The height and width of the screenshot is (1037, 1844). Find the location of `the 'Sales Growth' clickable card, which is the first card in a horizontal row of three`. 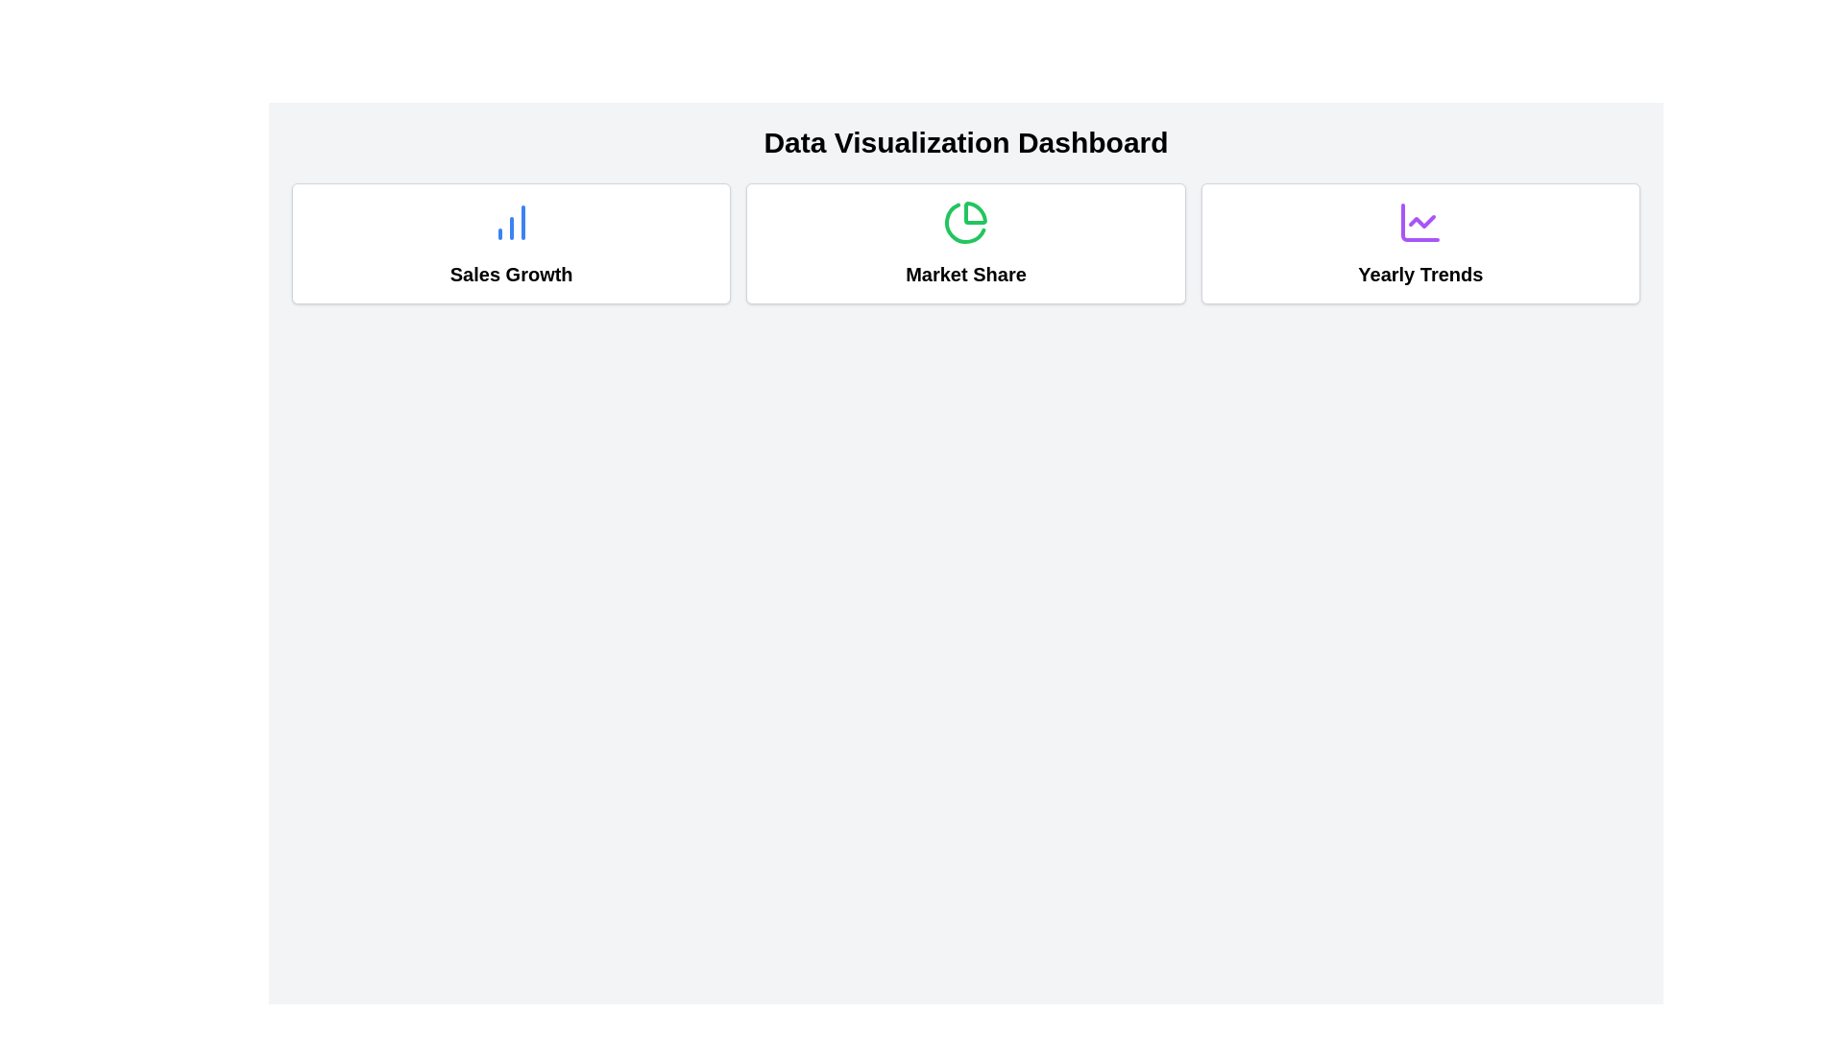

the 'Sales Growth' clickable card, which is the first card in a horizontal row of three is located at coordinates (511, 243).